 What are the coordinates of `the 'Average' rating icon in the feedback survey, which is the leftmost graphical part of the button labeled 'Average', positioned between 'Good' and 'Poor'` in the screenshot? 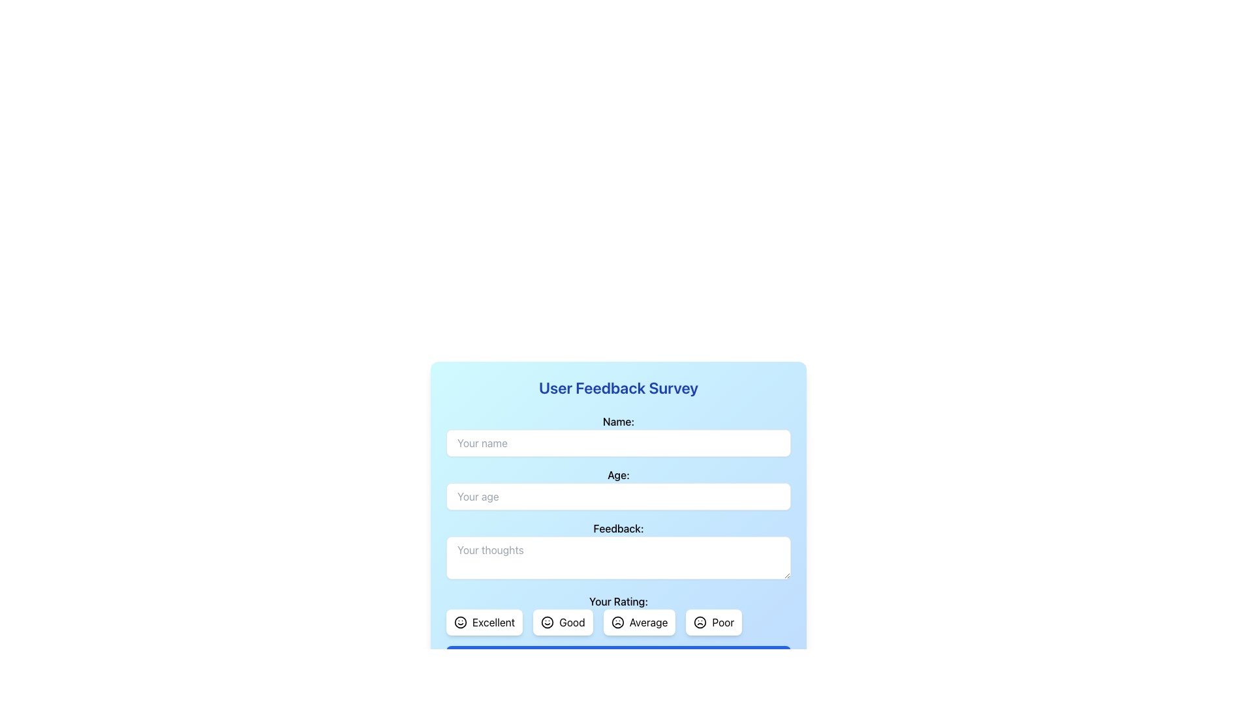 It's located at (617, 622).